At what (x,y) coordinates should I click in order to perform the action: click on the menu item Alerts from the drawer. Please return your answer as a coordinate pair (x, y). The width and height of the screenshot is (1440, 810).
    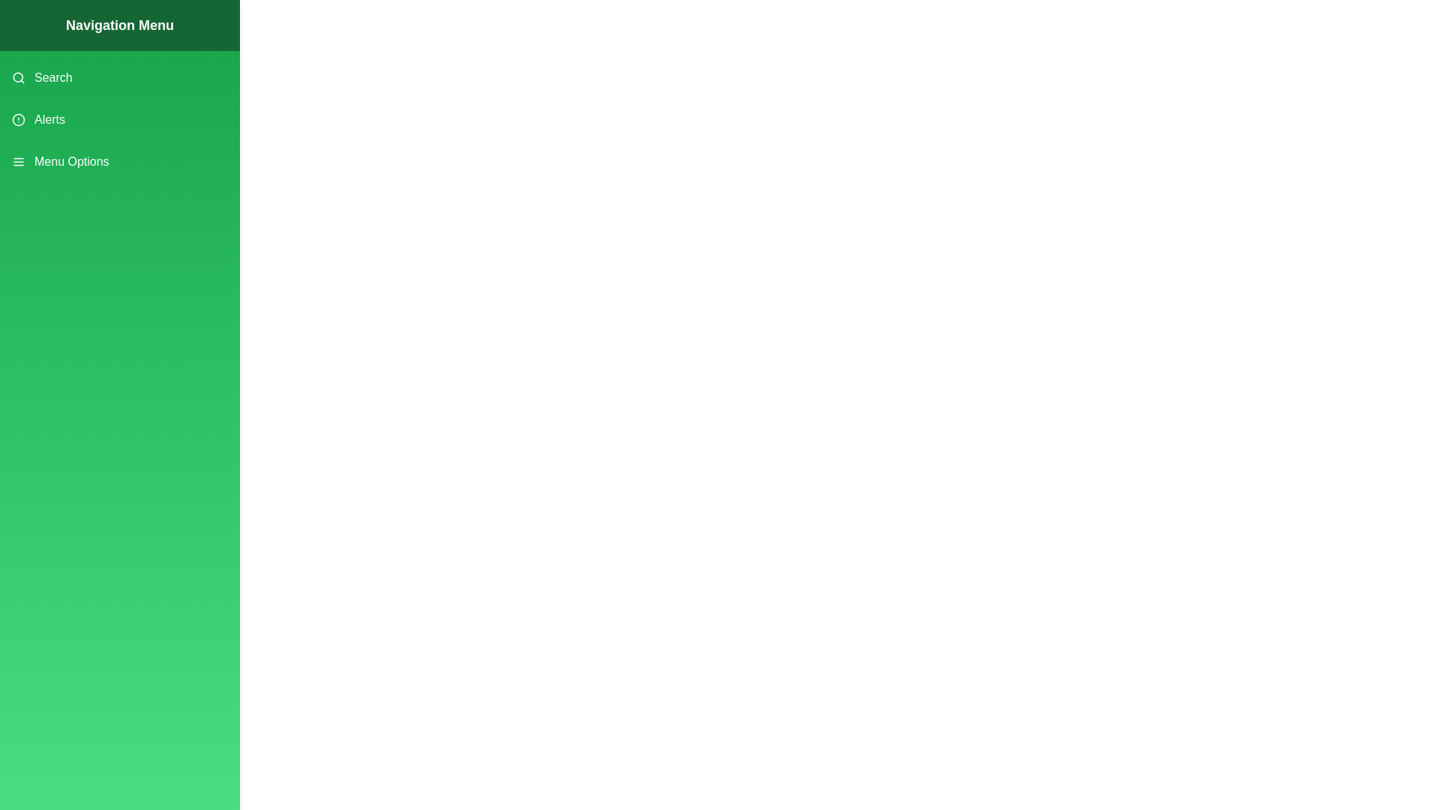
    Looking at the image, I should click on (118, 118).